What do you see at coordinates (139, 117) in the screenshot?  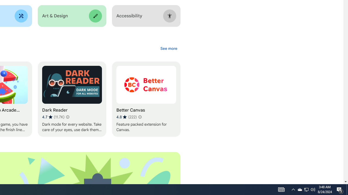 I see `'Learn more about results and reviews "Better Canvas"'` at bounding box center [139, 117].